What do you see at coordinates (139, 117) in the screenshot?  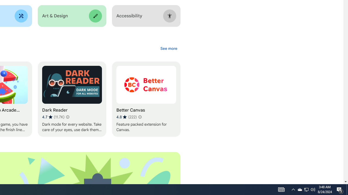 I see `'Learn more about results and reviews "Better Canvas"'` at bounding box center [139, 117].